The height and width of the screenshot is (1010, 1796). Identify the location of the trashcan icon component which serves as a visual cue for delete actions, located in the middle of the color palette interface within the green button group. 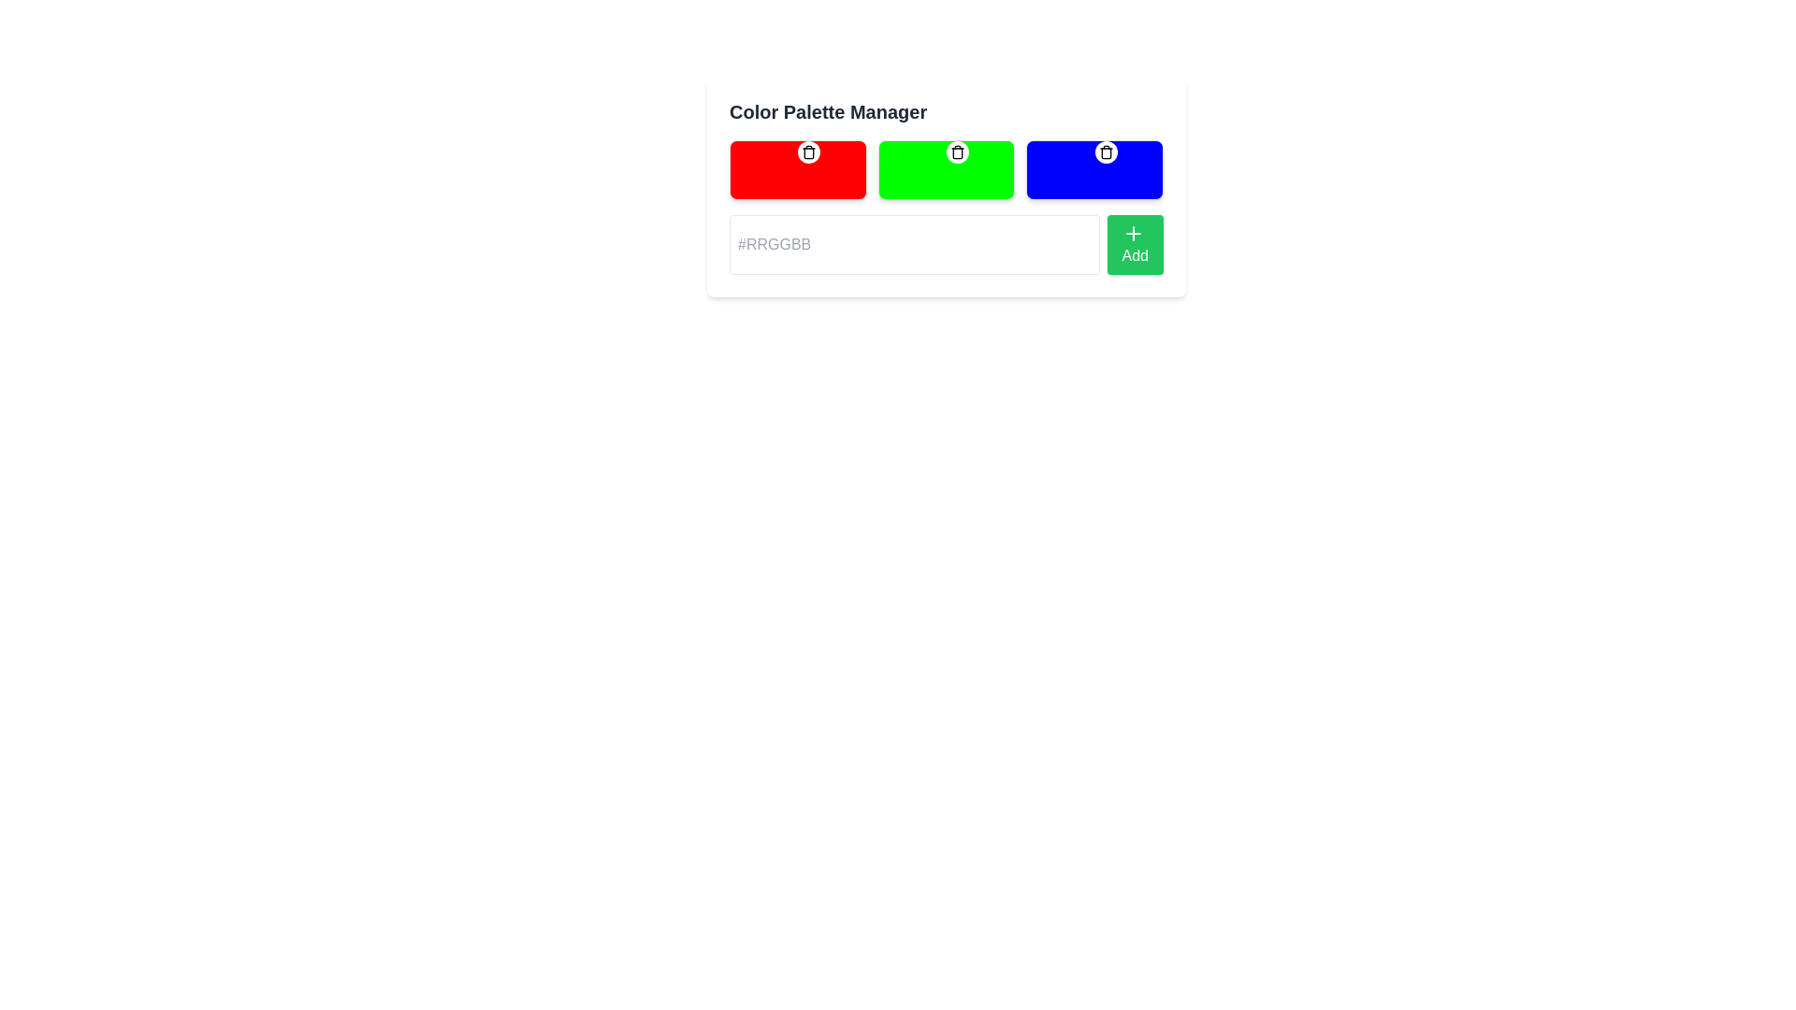
(957, 152).